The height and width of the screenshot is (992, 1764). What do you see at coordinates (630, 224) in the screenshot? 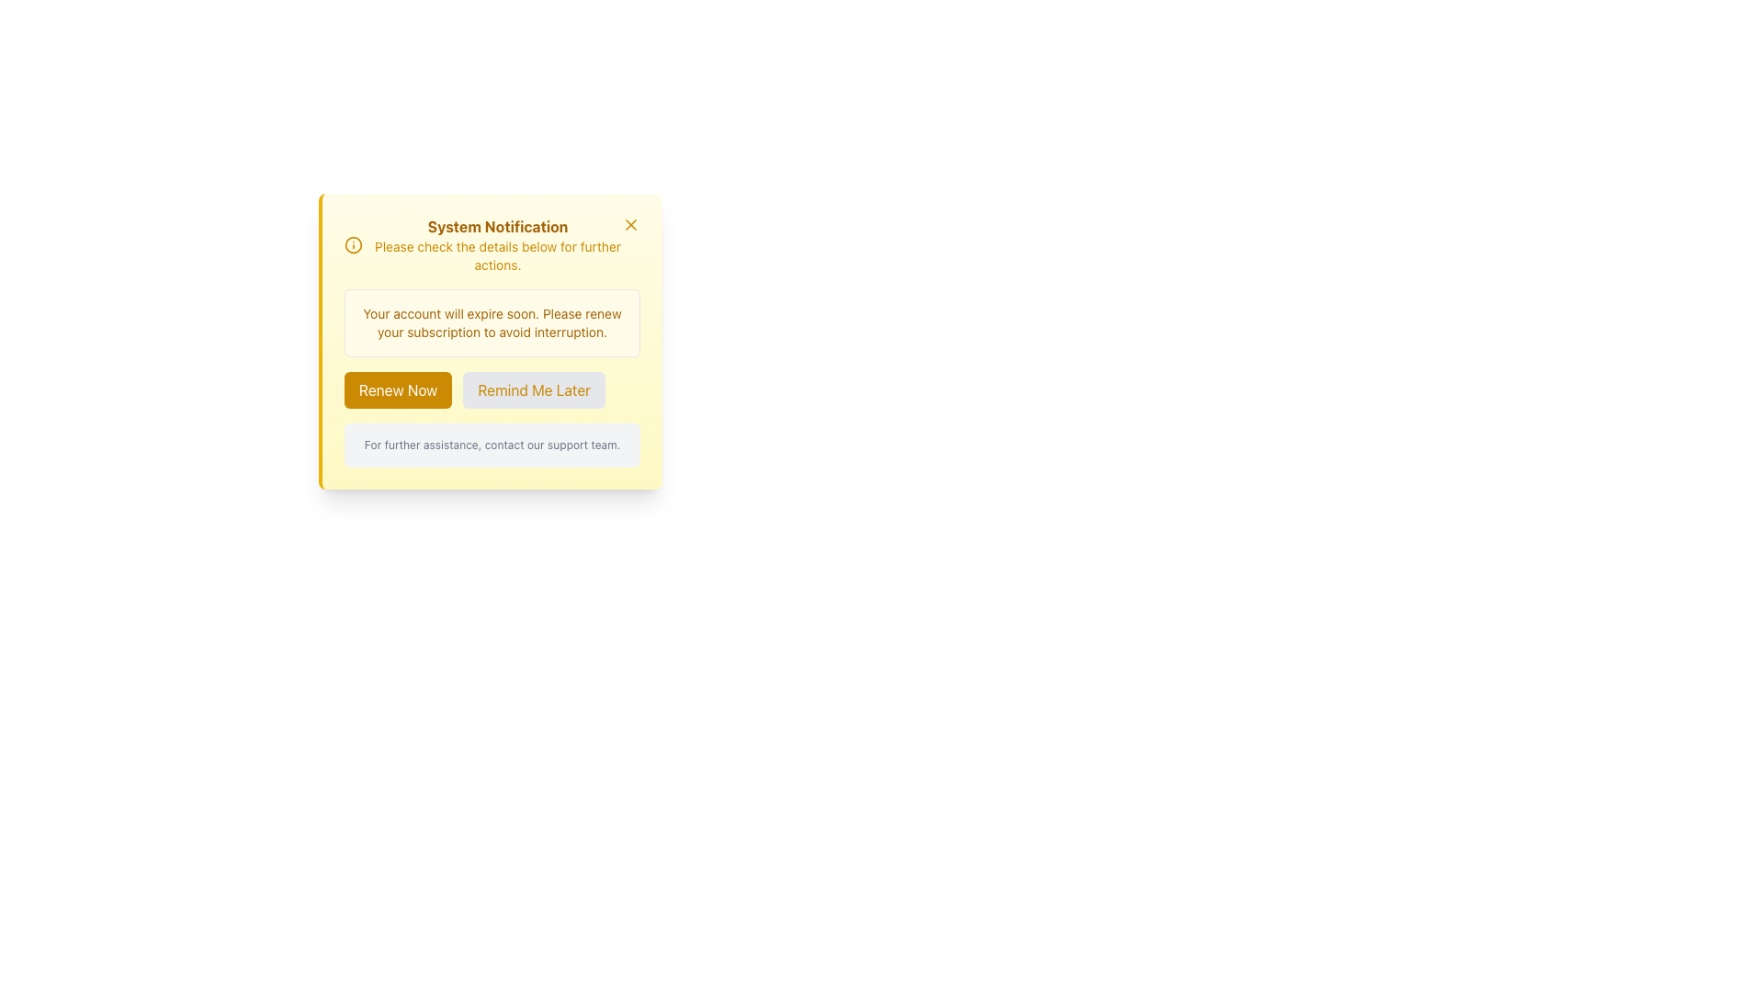
I see `the close icon shaped as a diagonal cross (X) located at the top-right corner of the notification card` at bounding box center [630, 224].